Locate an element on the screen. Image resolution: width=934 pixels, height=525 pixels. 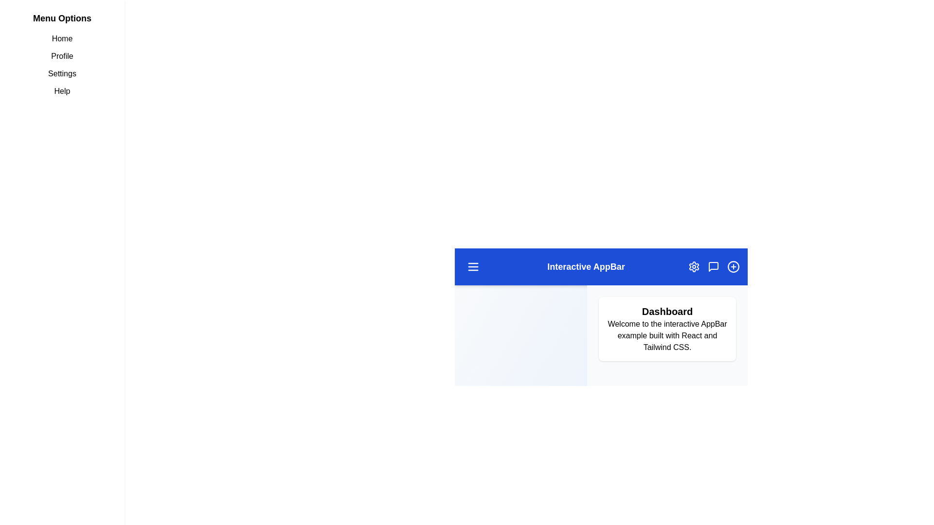
the 'Settings' icon in the AppBar is located at coordinates (693, 266).